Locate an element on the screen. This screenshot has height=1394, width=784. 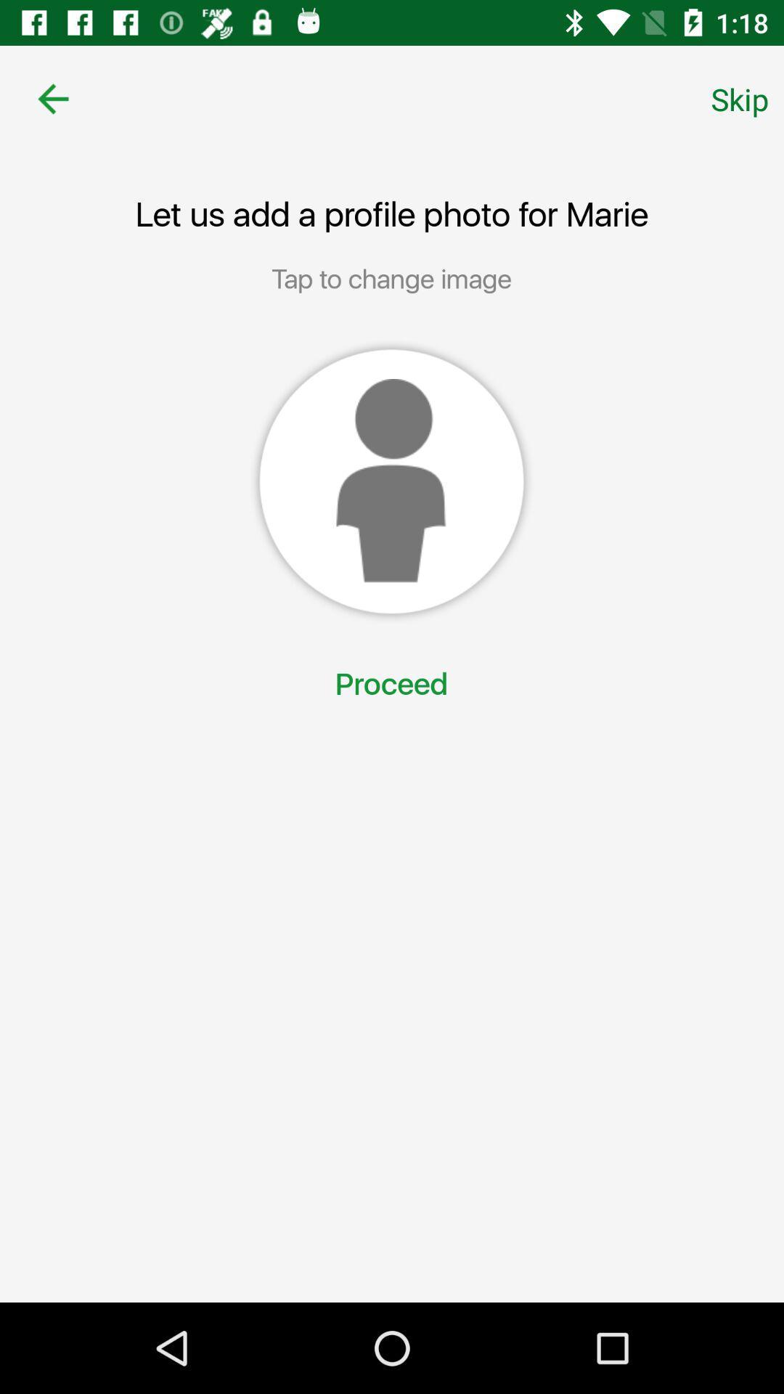
change profile image is located at coordinates (391, 481).